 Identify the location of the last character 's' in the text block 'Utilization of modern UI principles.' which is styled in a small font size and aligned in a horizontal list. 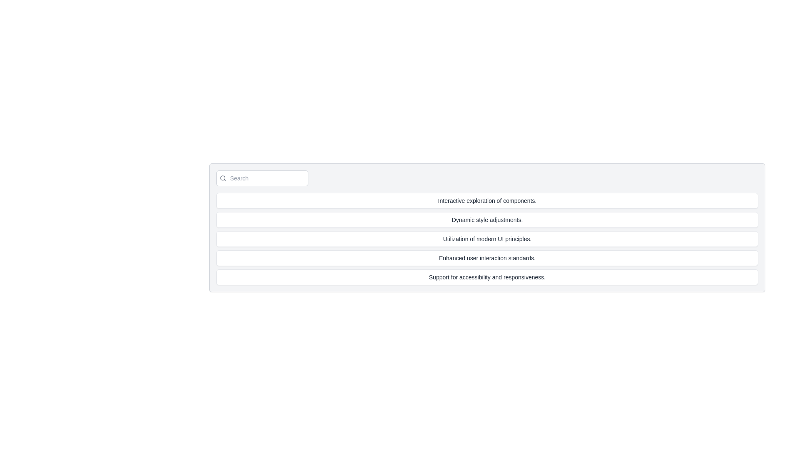
(528, 239).